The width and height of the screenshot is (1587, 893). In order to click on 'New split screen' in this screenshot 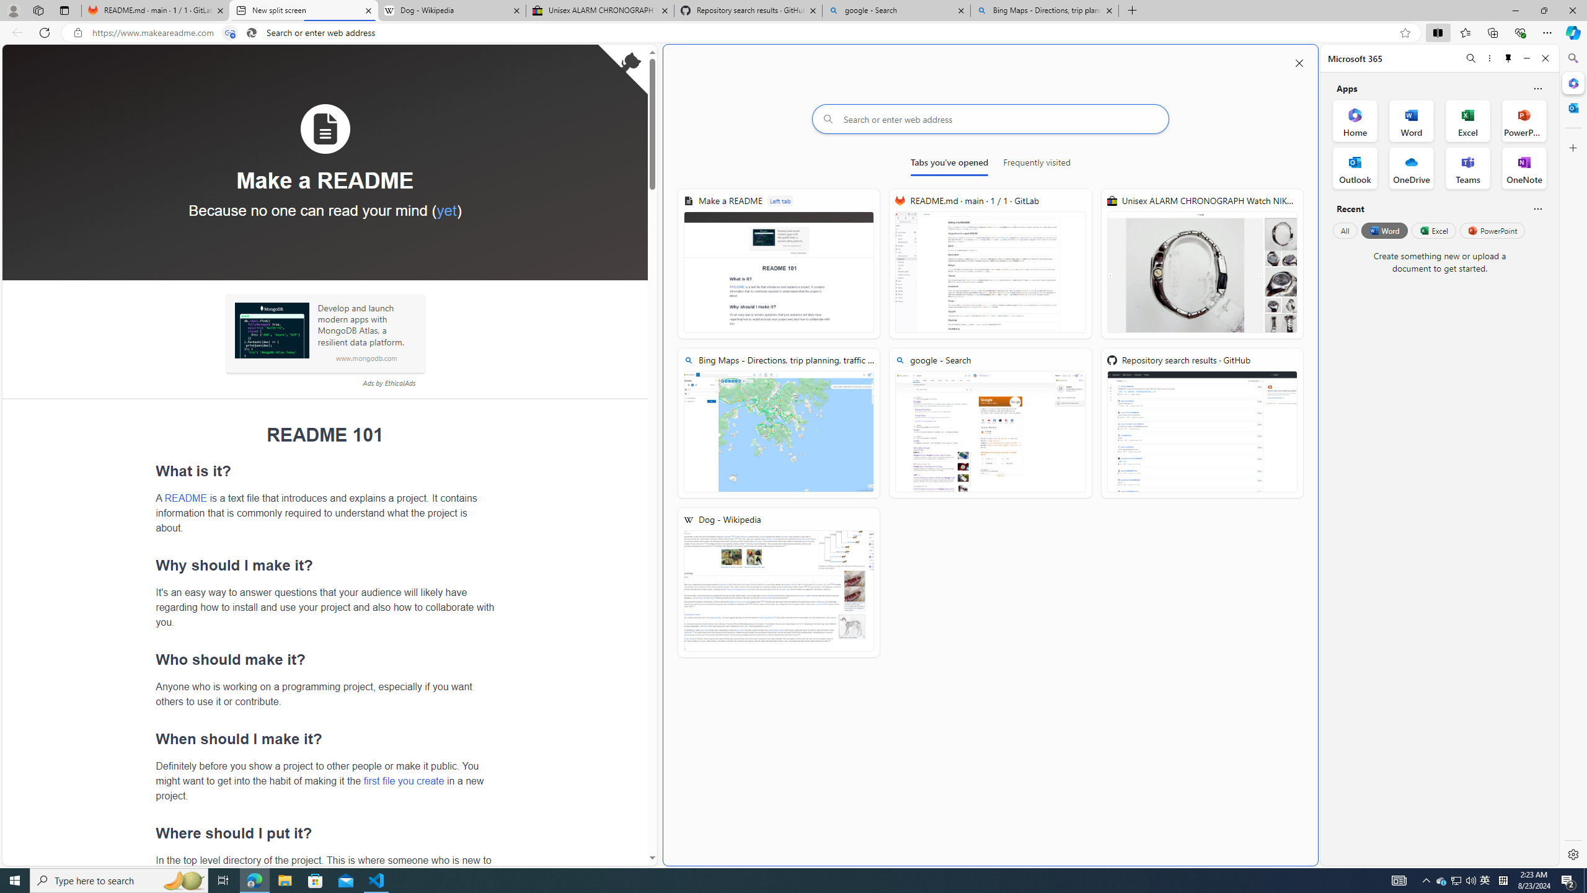, I will do `click(303, 10)`.